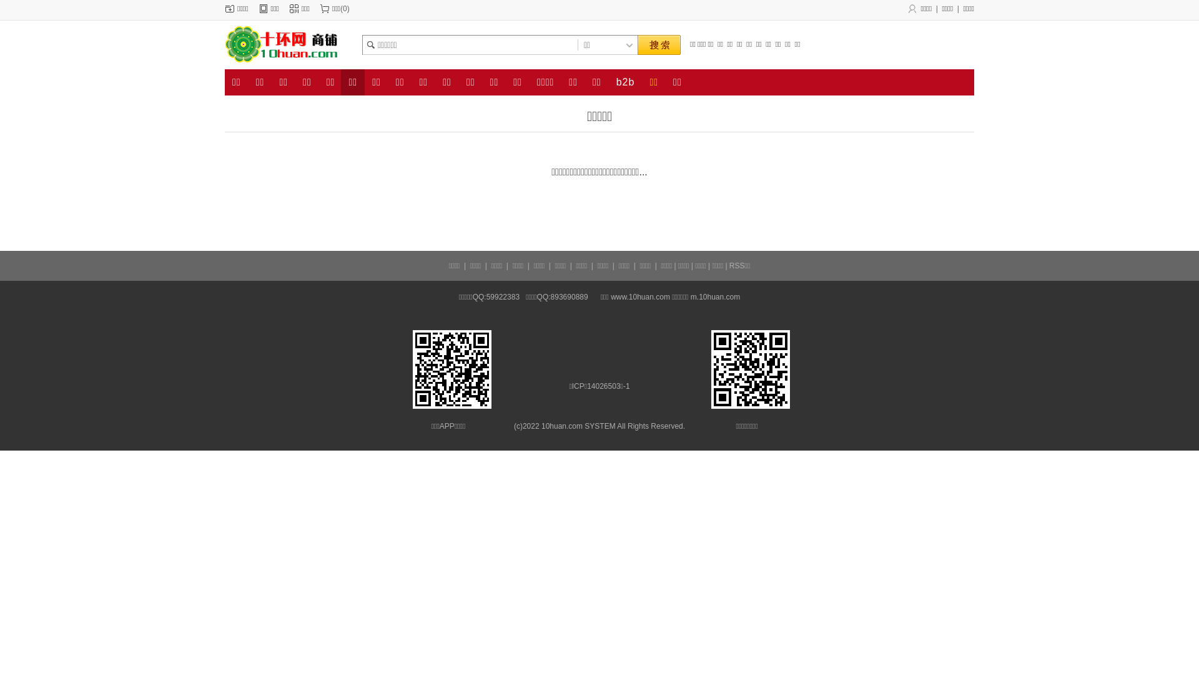  What do you see at coordinates (626, 82) in the screenshot?
I see `'b2b'` at bounding box center [626, 82].